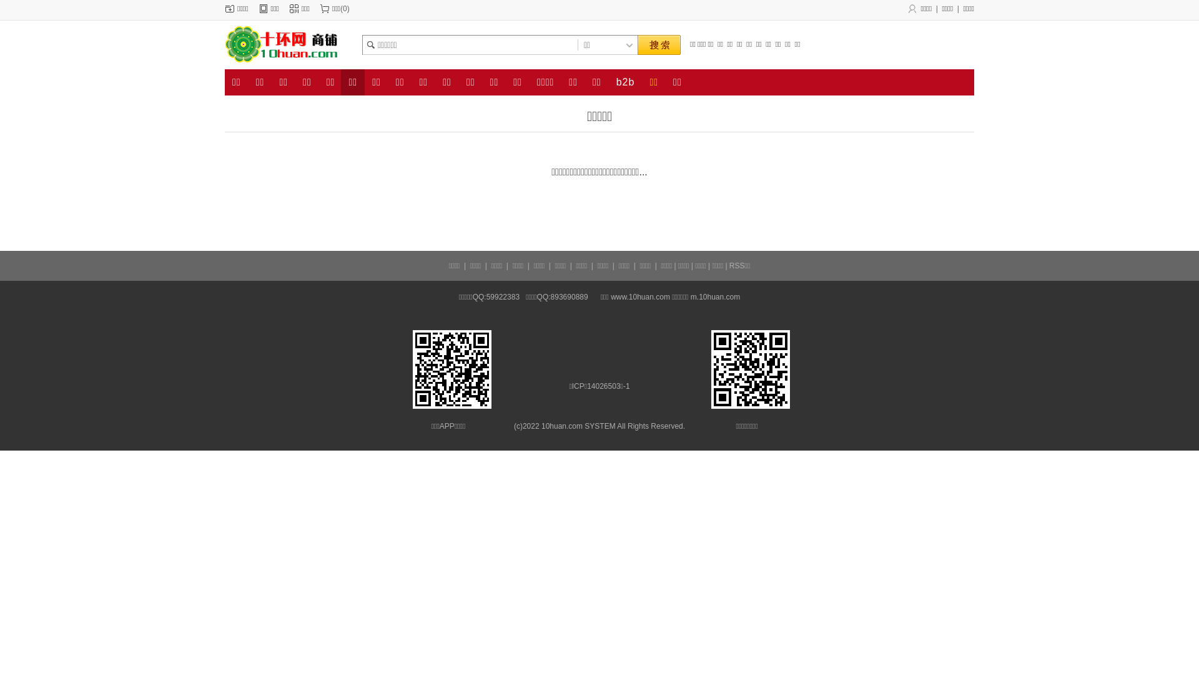  What do you see at coordinates (626, 82) in the screenshot?
I see `'b2b'` at bounding box center [626, 82].